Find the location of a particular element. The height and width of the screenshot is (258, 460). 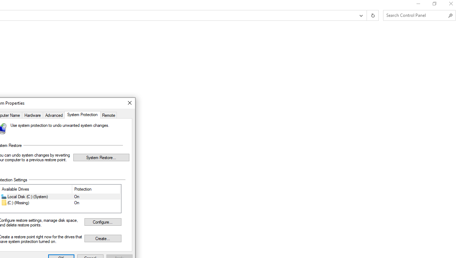

'System Restore...' is located at coordinates (101, 157).